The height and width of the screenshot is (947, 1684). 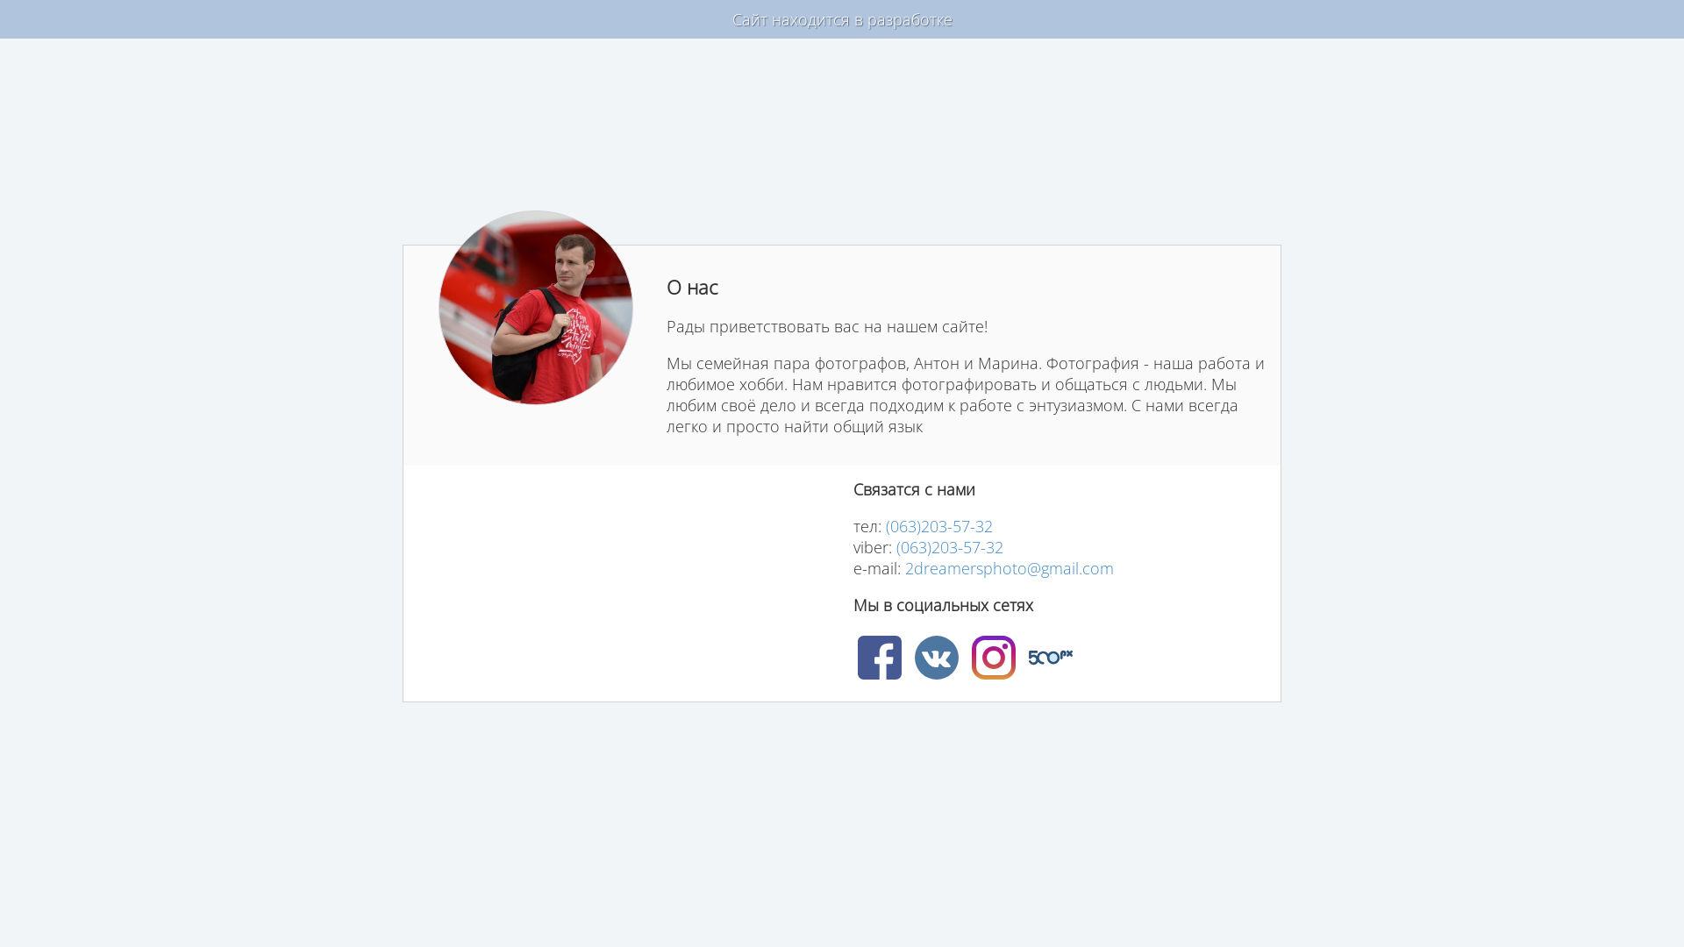 What do you see at coordinates (938, 525) in the screenshot?
I see `'(063)203-57-32'` at bounding box center [938, 525].